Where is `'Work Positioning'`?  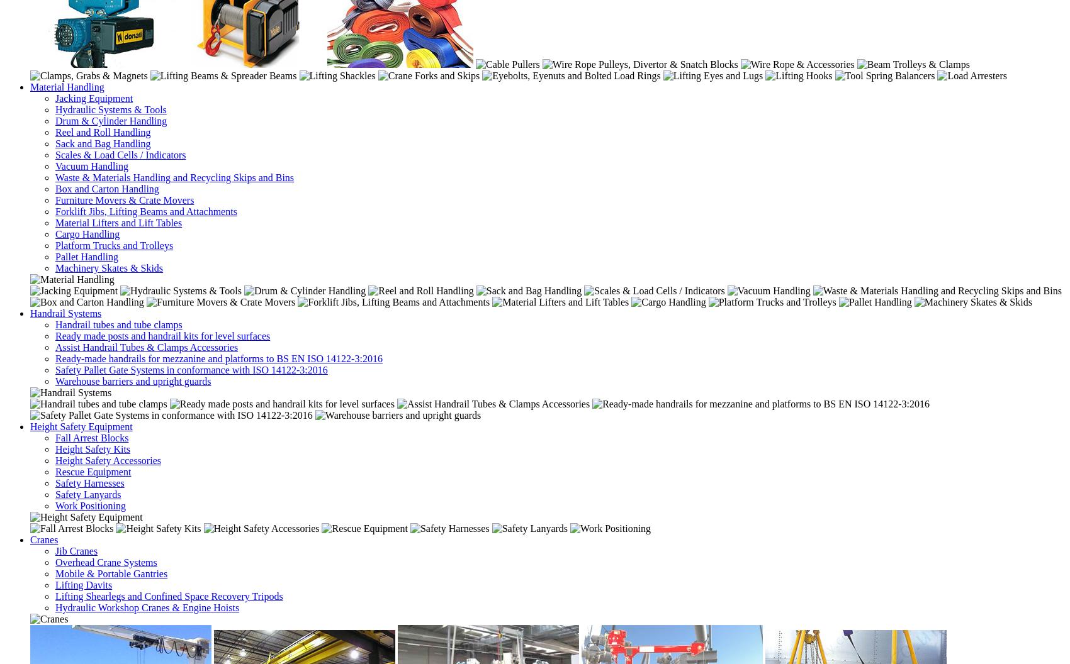
'Work Positioning' is located at coordinates (89, 505).